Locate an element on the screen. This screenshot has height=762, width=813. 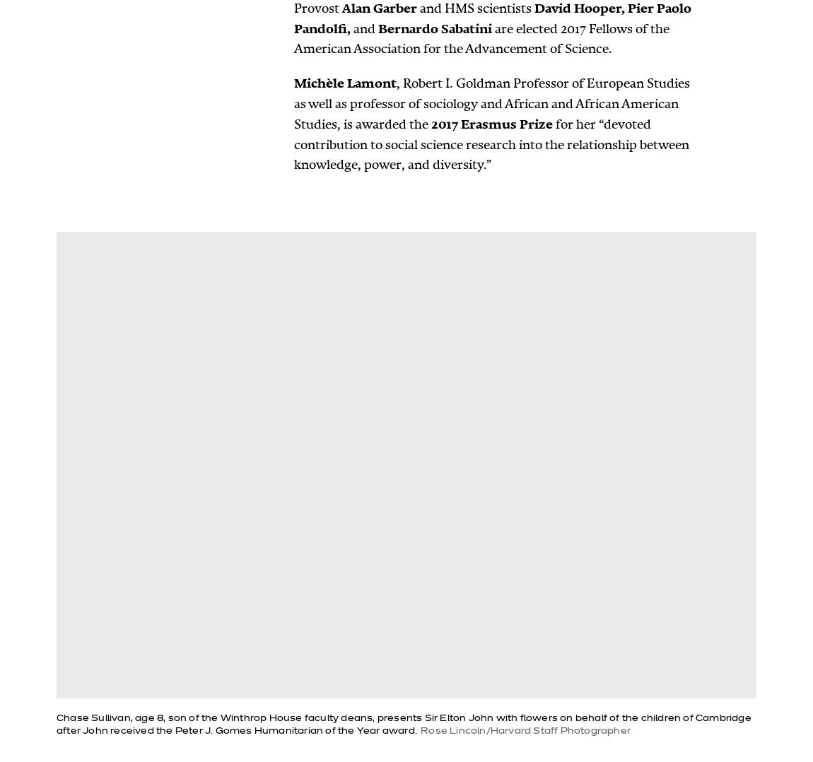
'and HMS scientists' is located at coordinates (474, 6).